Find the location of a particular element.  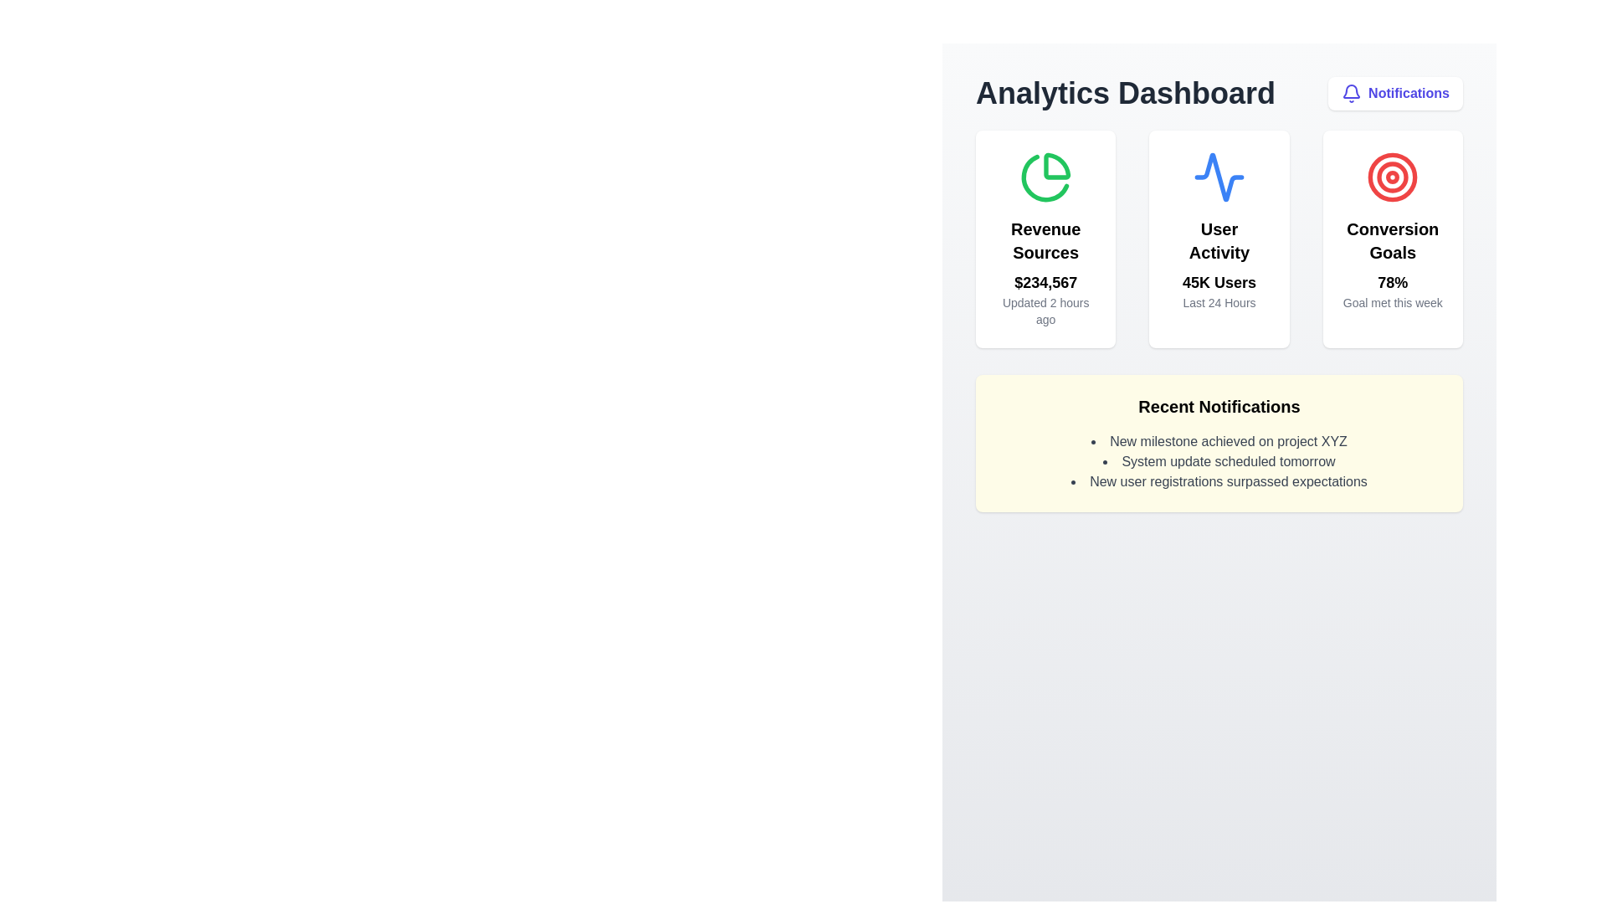

the second circular layer of the 'Conversion Goals' target icon located centrally within the card, which is the third card in the row of three cards near the top of the dashboard interface is located at coordinates (1393, 177).